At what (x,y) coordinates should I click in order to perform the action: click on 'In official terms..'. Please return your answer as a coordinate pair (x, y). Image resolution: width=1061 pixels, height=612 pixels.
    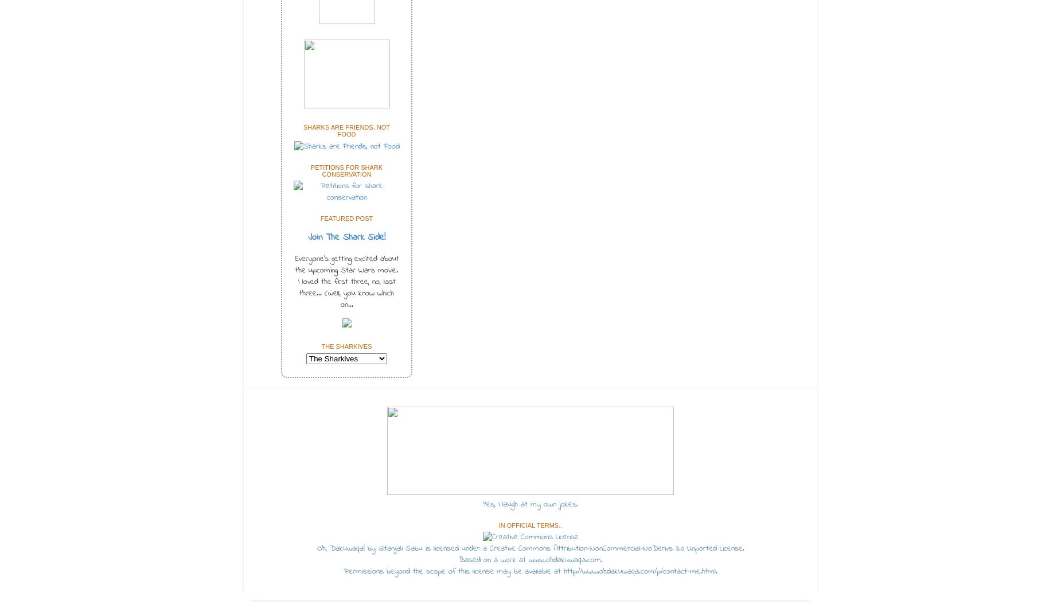
    Looking at the image, I should click on (530, 524).